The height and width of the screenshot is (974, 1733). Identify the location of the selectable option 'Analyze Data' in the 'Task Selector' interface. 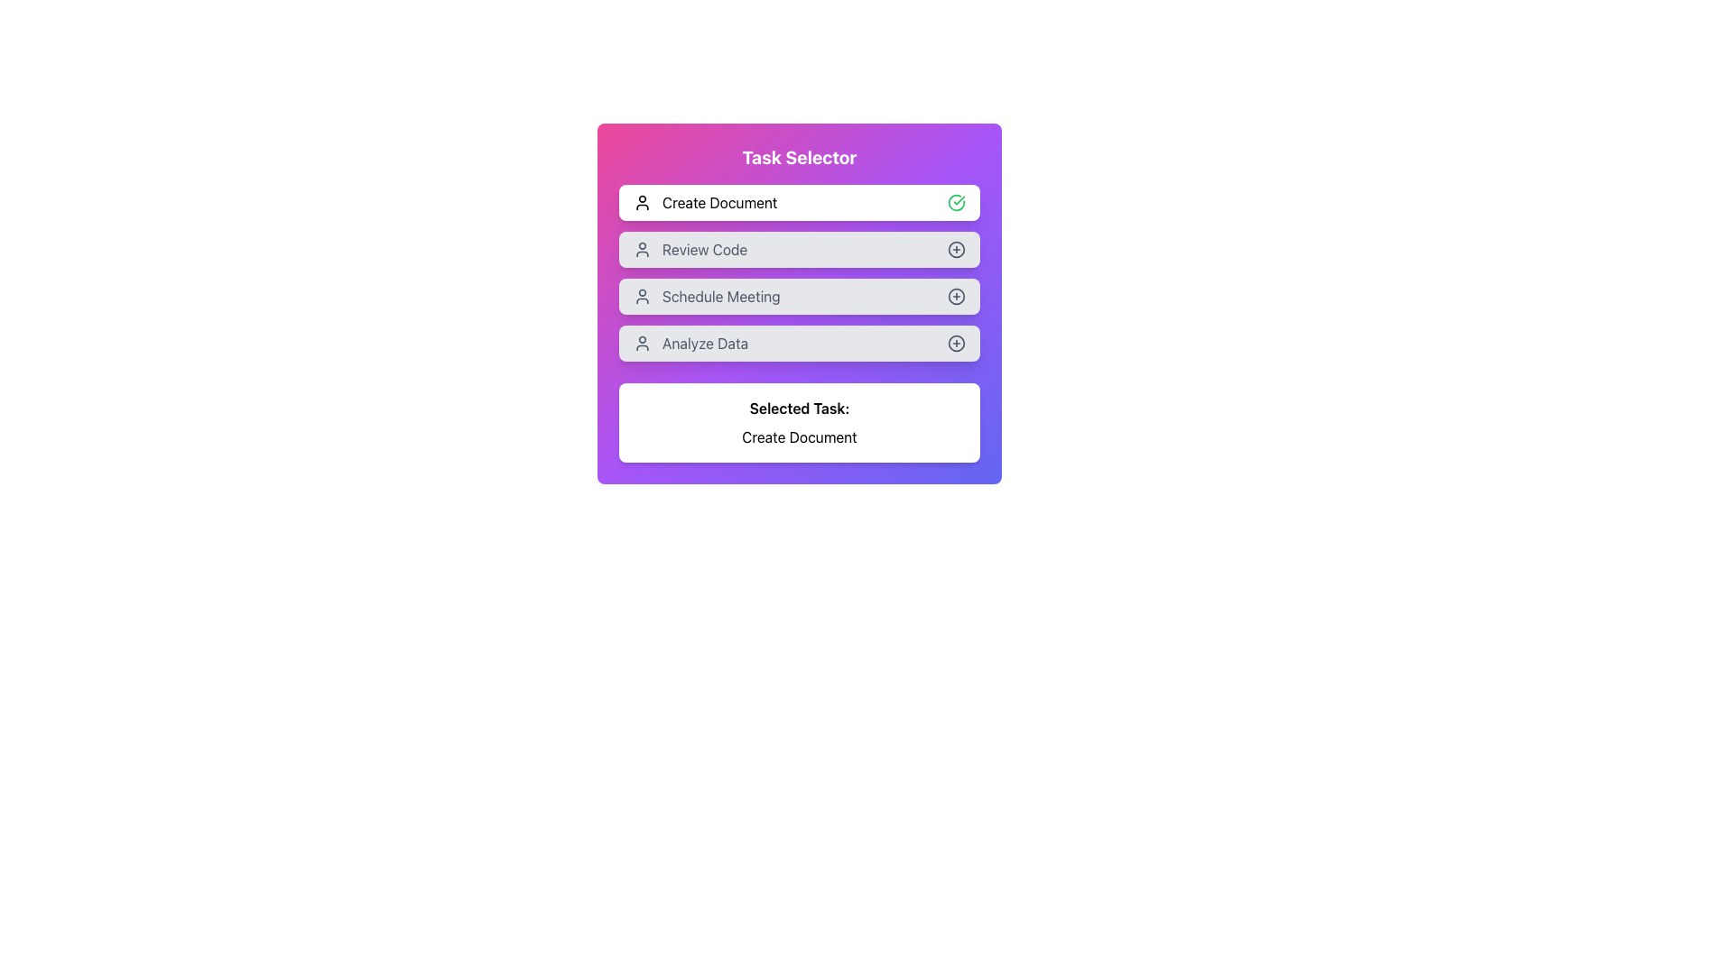
(690, 344).